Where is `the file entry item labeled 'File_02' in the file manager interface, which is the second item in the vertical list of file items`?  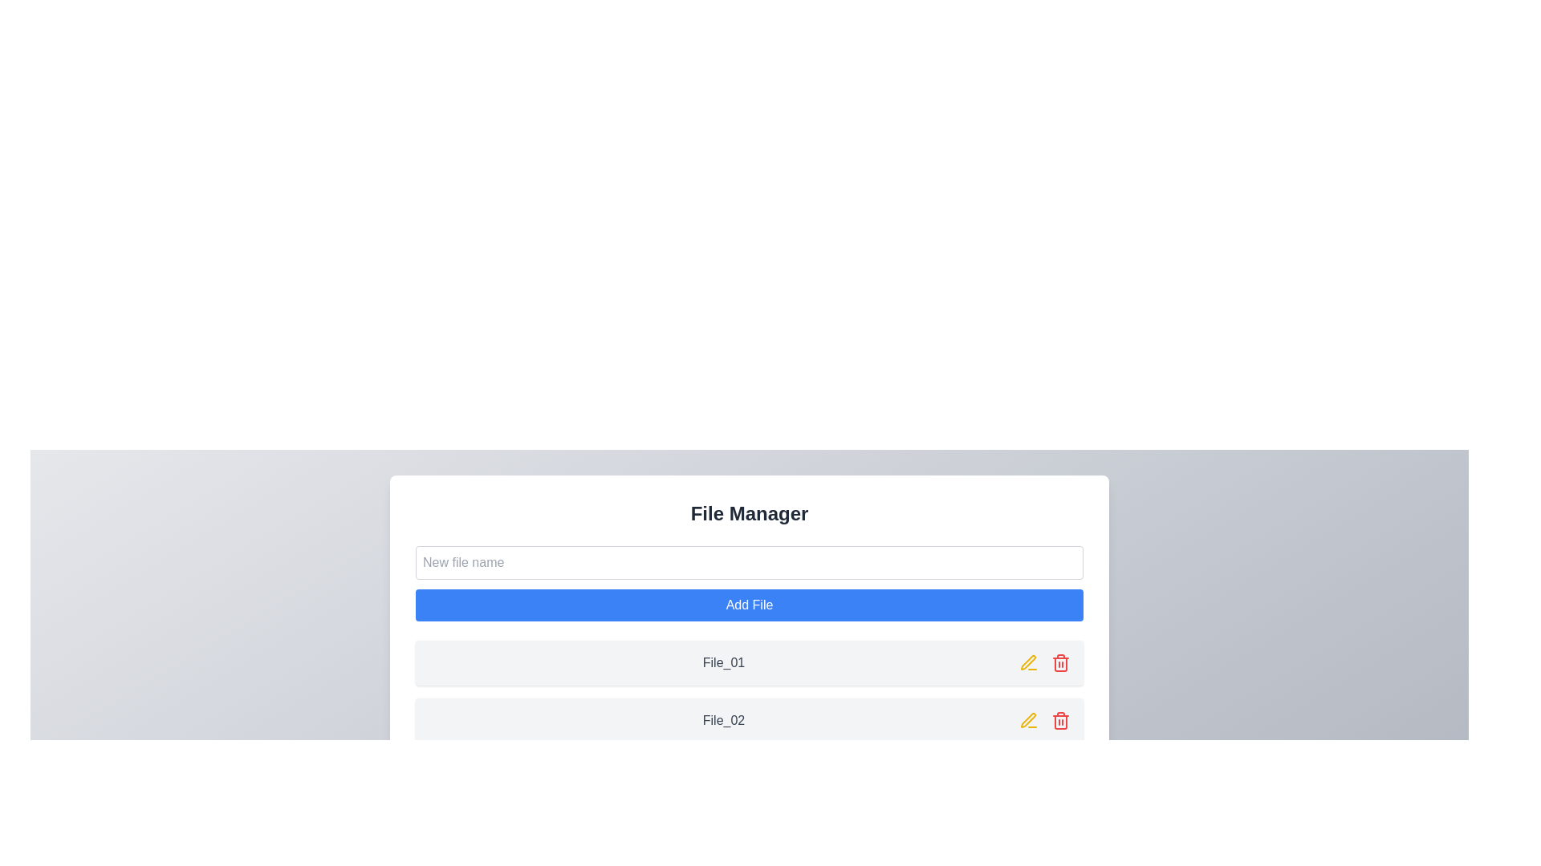
the file entry item labeled 'File_02' in the file manager interface, which is the second item in the vertical list of file items is located at coordinates (749, 719).